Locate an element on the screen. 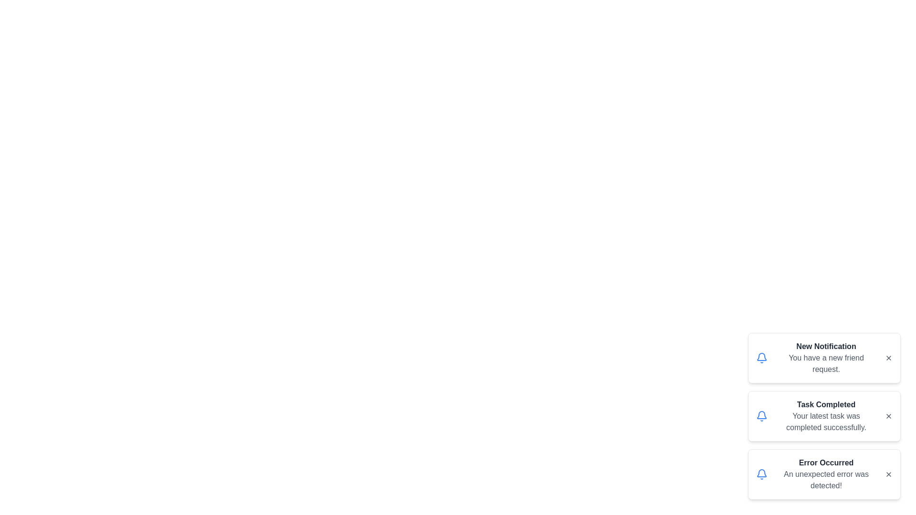 This screenshot has height=515, width=916. close button of the notification titled 'Error Occurred' is located at coordinates (888, 474).